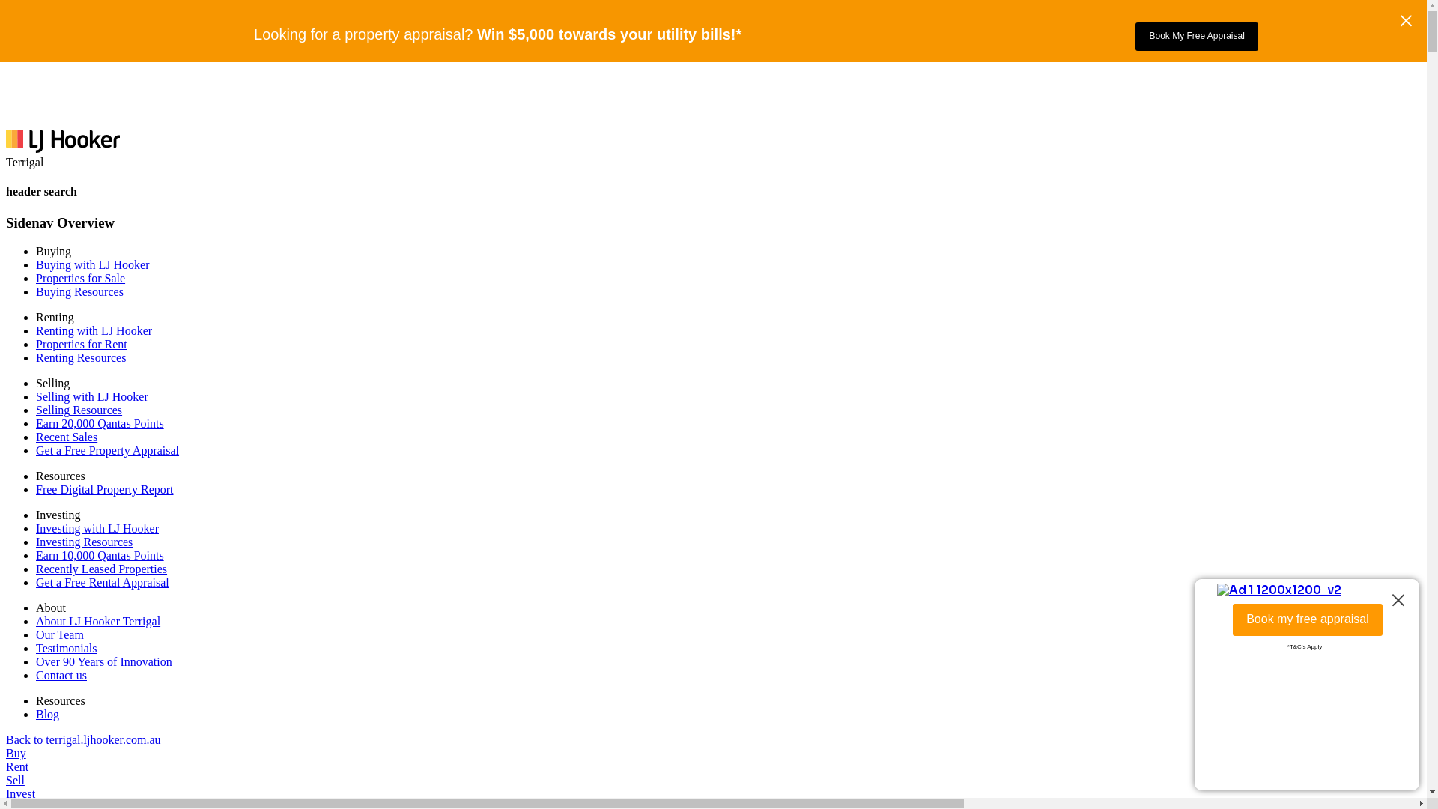 This screenshot has width=1438, height=809. Describe the element at coordinates (81, 344) in the screenshot. I see `'Properties for Rent'` at that location.